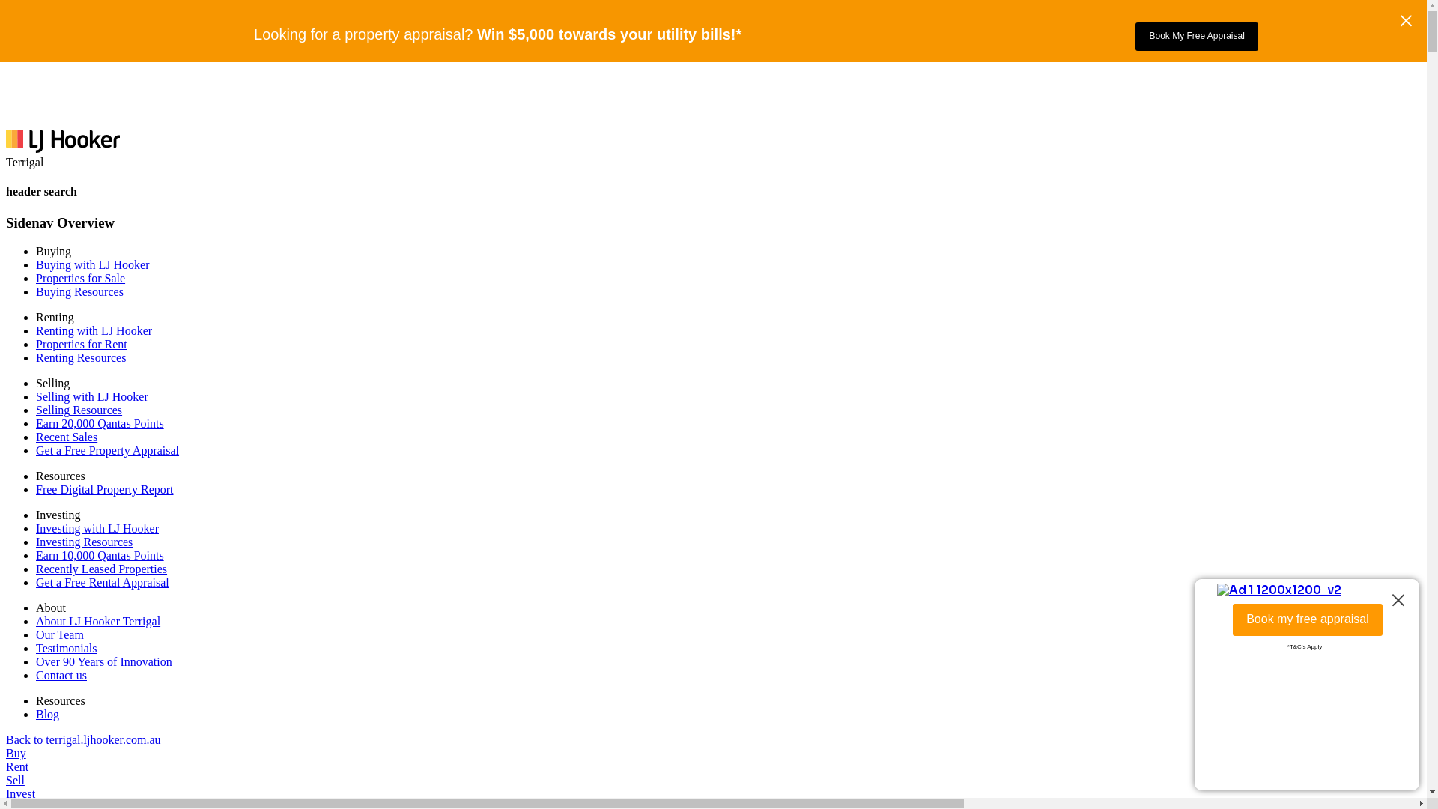 This screenshot has width=1438, height=809. Describe the element at coordinates (81, 344) in the screenshot. I see `'Properties for Rent'` at that location.